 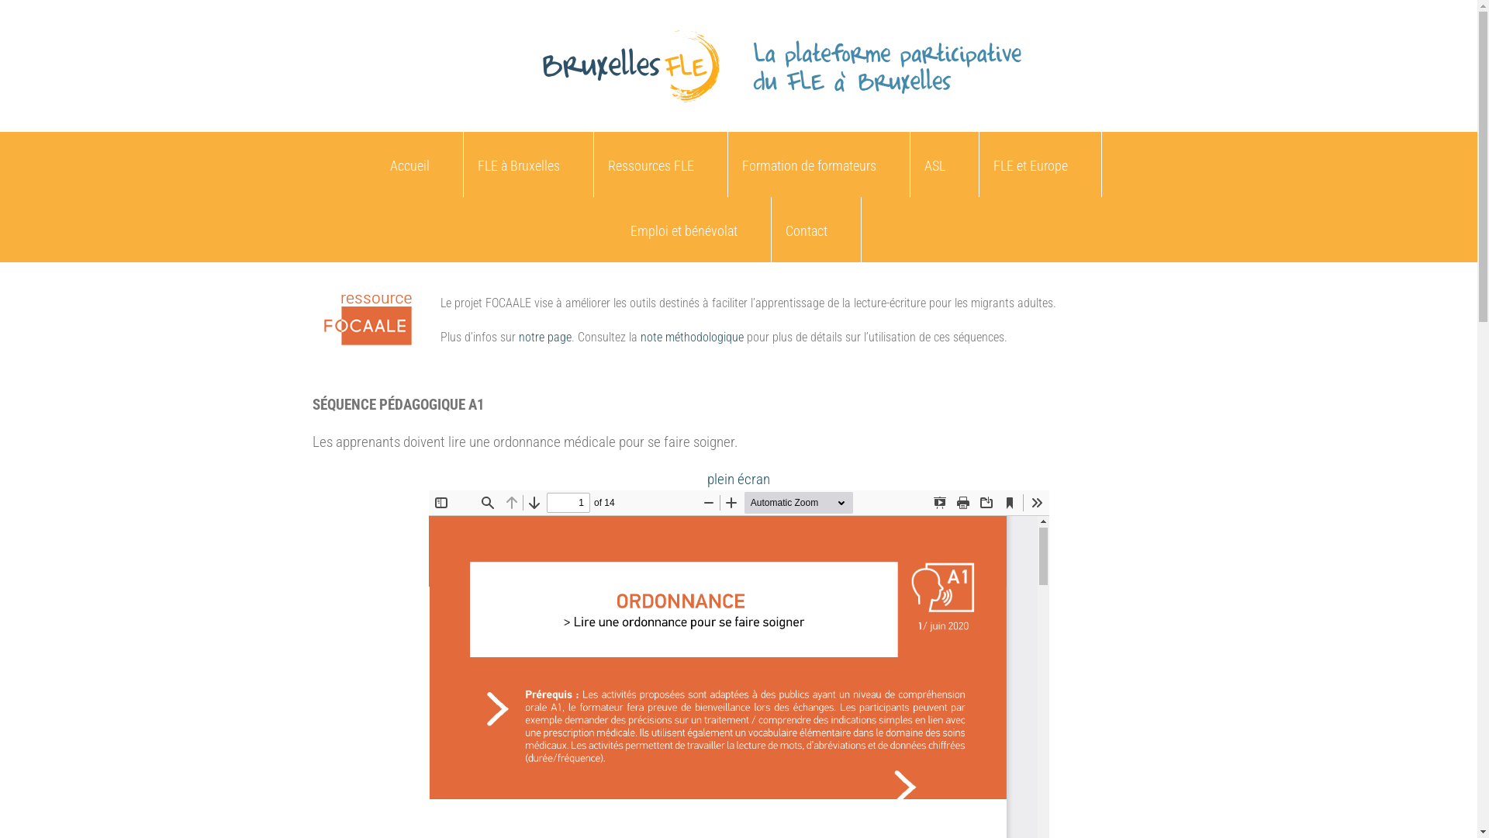 What do you see at coordinates (805, 230) in the screenshot?
I see `'Contact'` at bounding box center [805, 230].